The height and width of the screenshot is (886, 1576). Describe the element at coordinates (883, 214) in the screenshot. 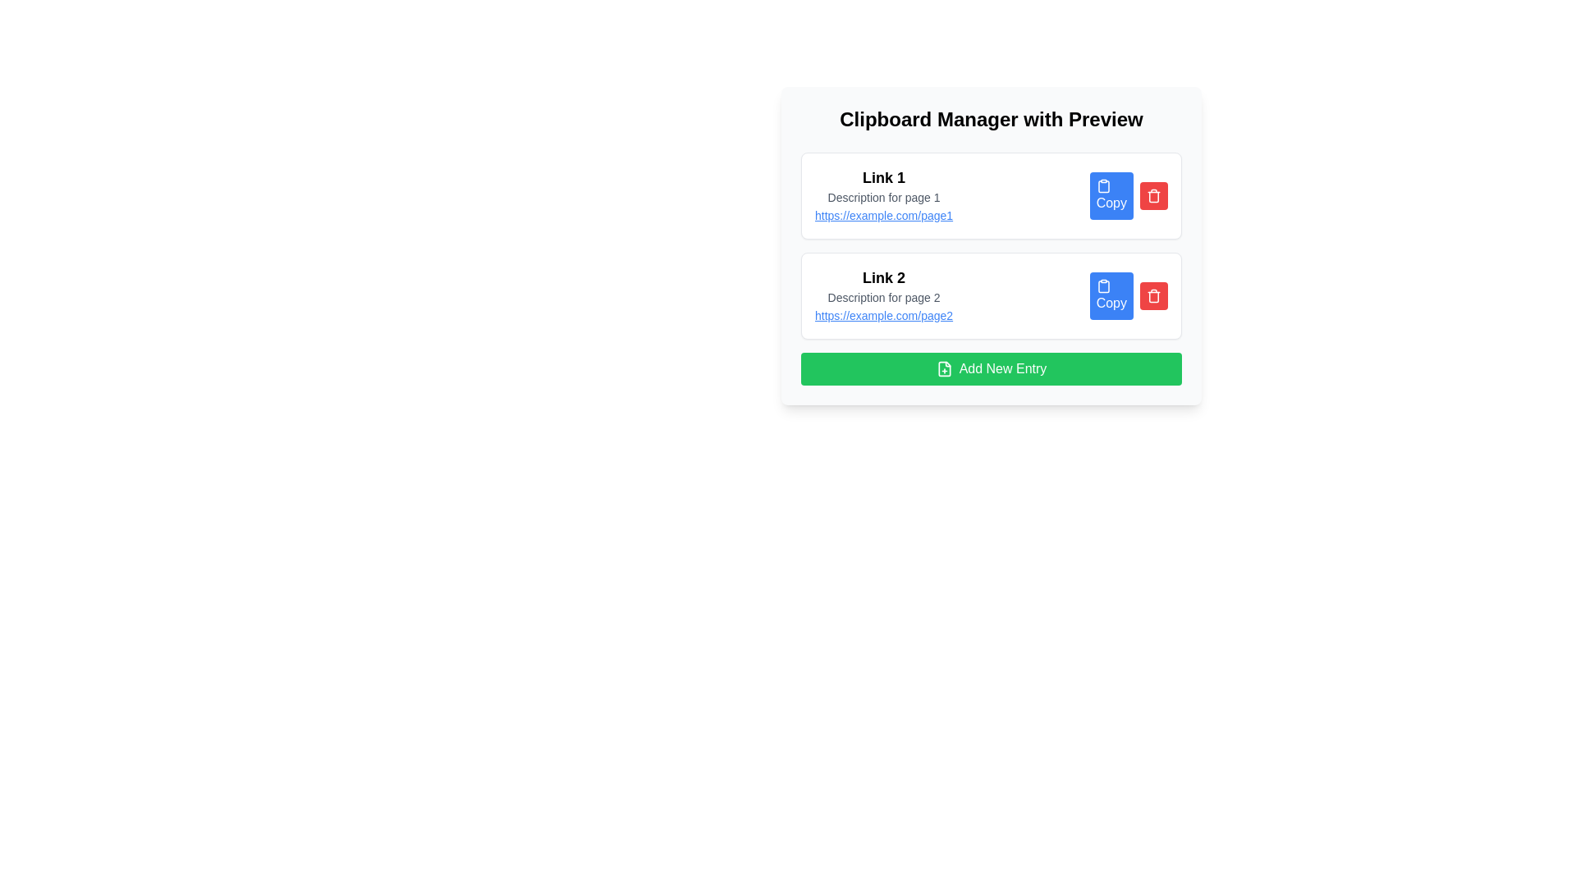

I see `the hyperlink positioned below 'Description for page 1' under the title 'Link 1'` at that location.